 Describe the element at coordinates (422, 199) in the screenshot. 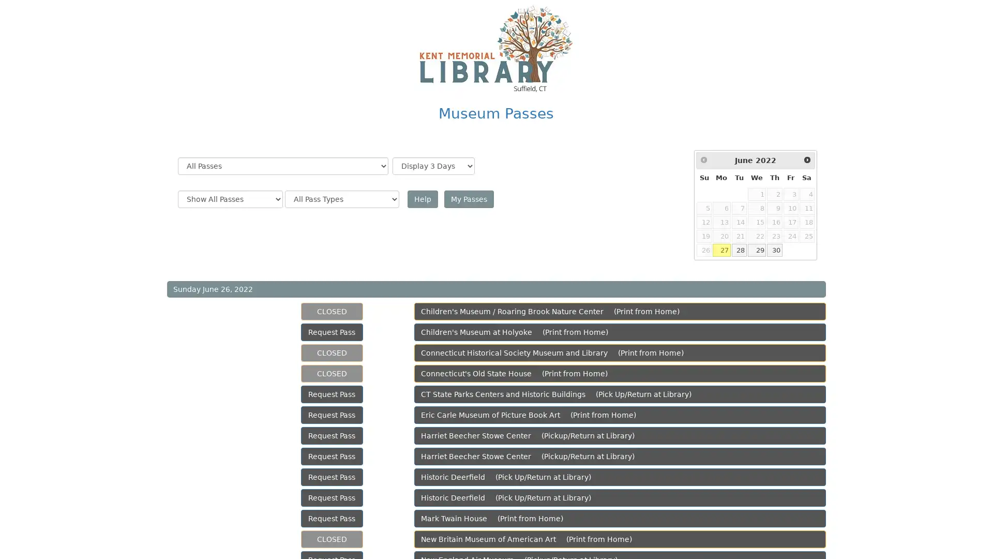

I see `Help` at that location.